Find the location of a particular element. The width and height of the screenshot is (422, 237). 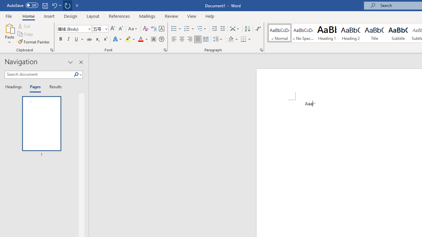

'Repeat Style' is located at coordinates (67, 5).